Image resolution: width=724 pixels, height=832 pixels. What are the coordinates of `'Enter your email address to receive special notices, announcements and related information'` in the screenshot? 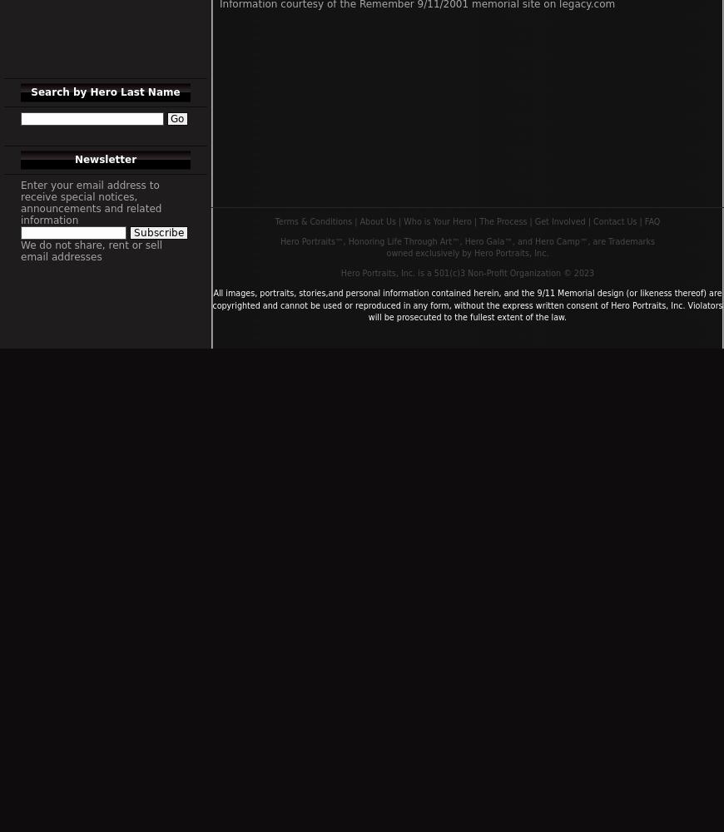 It's located at (90, 202).